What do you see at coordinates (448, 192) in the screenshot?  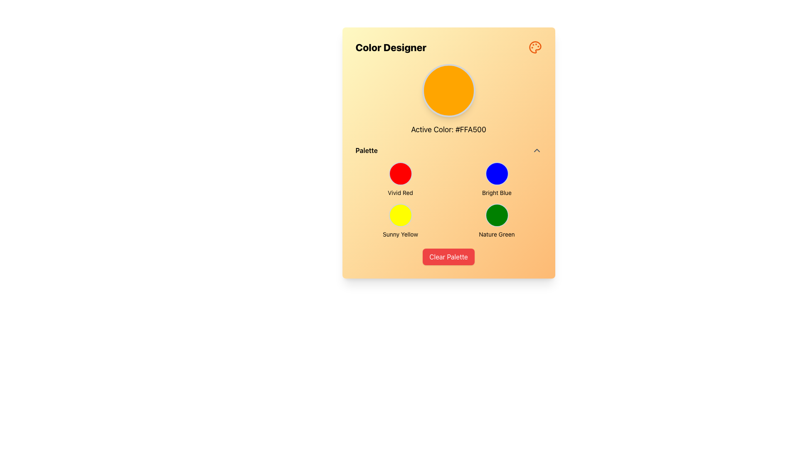 I see `the palette selector element which is a grid containing circular buttons for color selection, located centrally within the interface` at bounding box center [448, 192].